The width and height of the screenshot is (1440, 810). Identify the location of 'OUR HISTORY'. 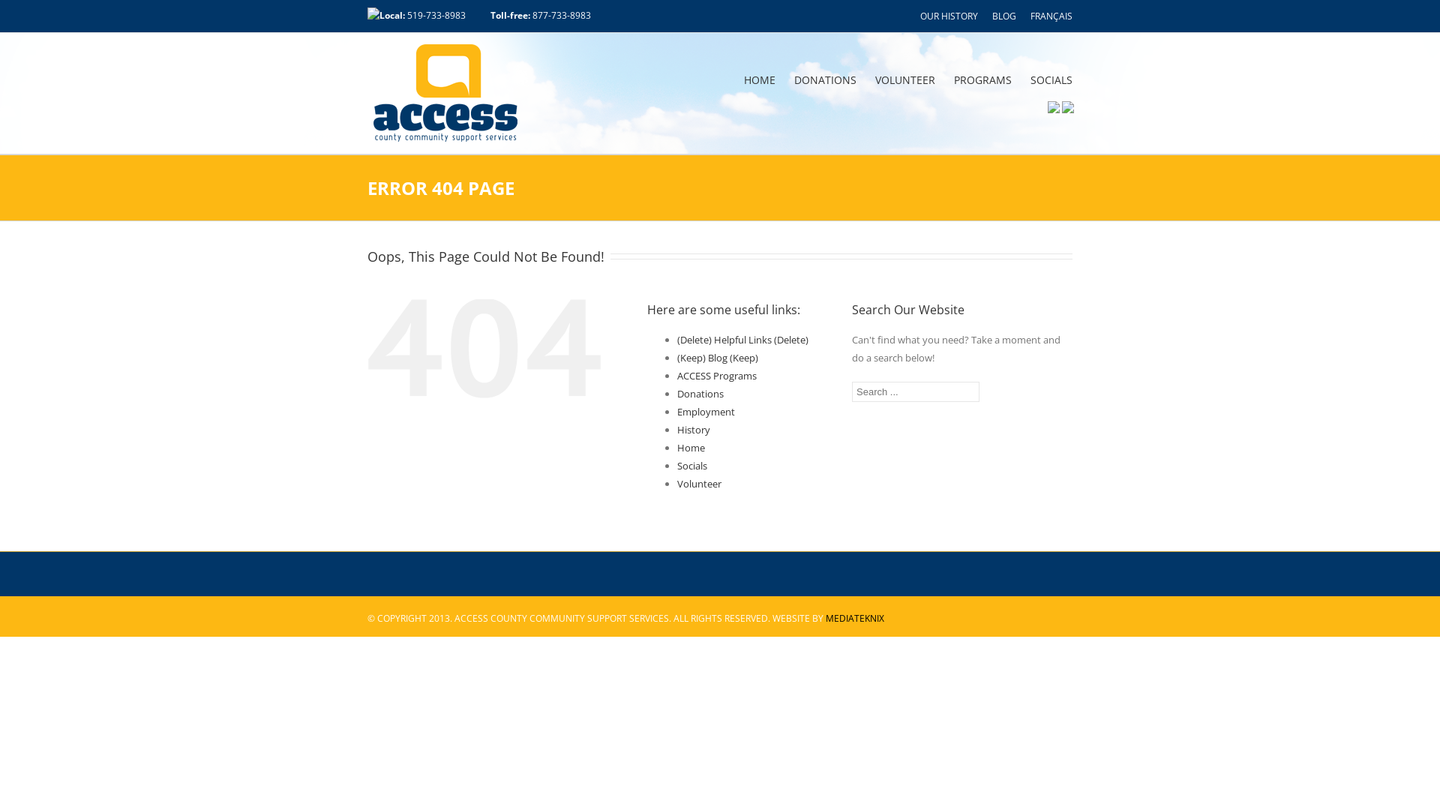
(948, 16).